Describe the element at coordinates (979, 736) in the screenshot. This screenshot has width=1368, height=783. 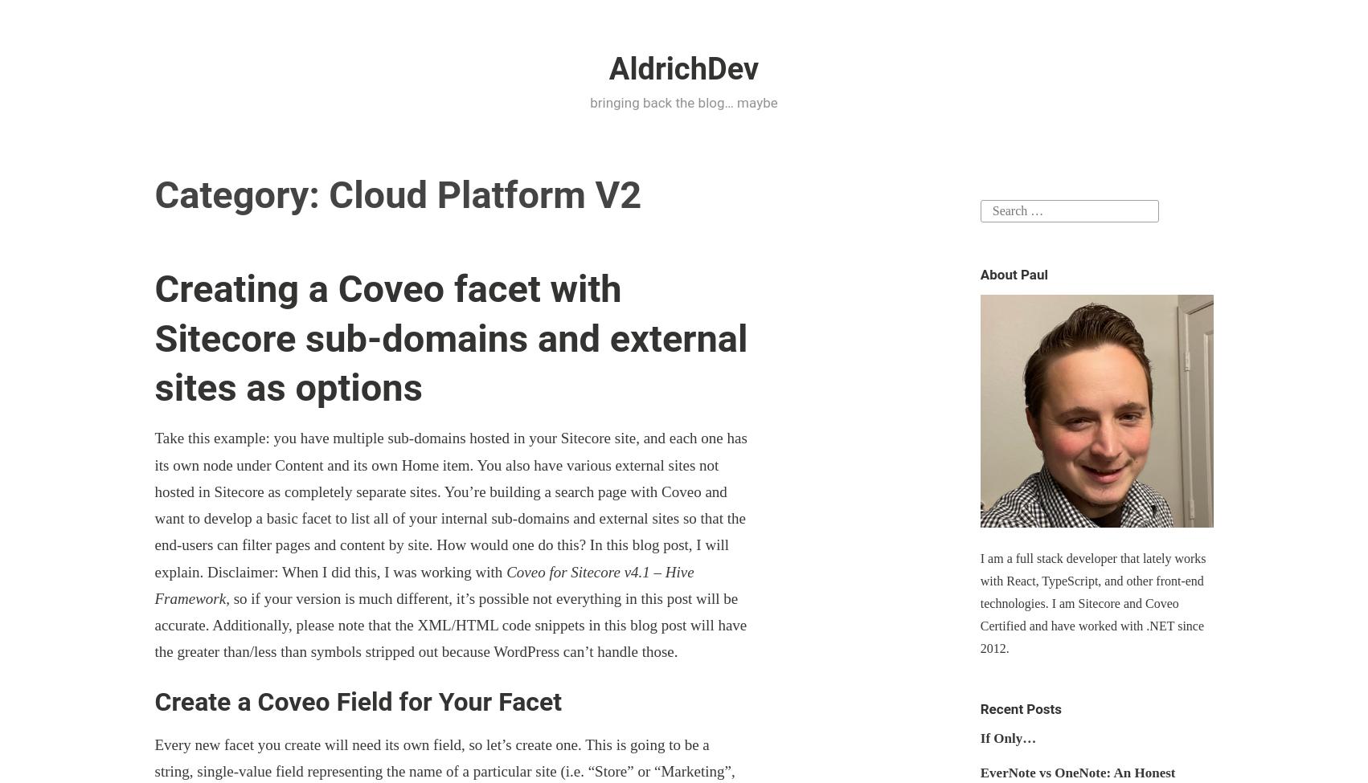
I see `'If Only…'` at that location.